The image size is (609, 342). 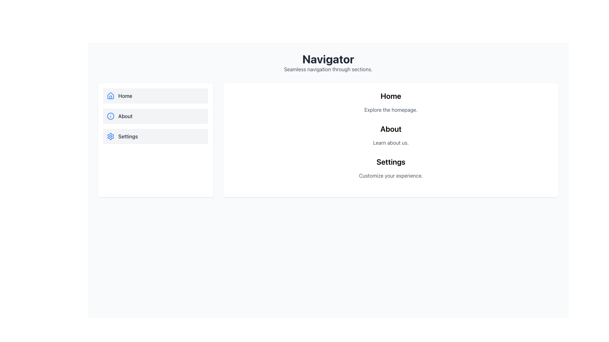 I want to click on the third button in the vertical sidebar that navigates to the Settings section, so click(x=155, y=140).